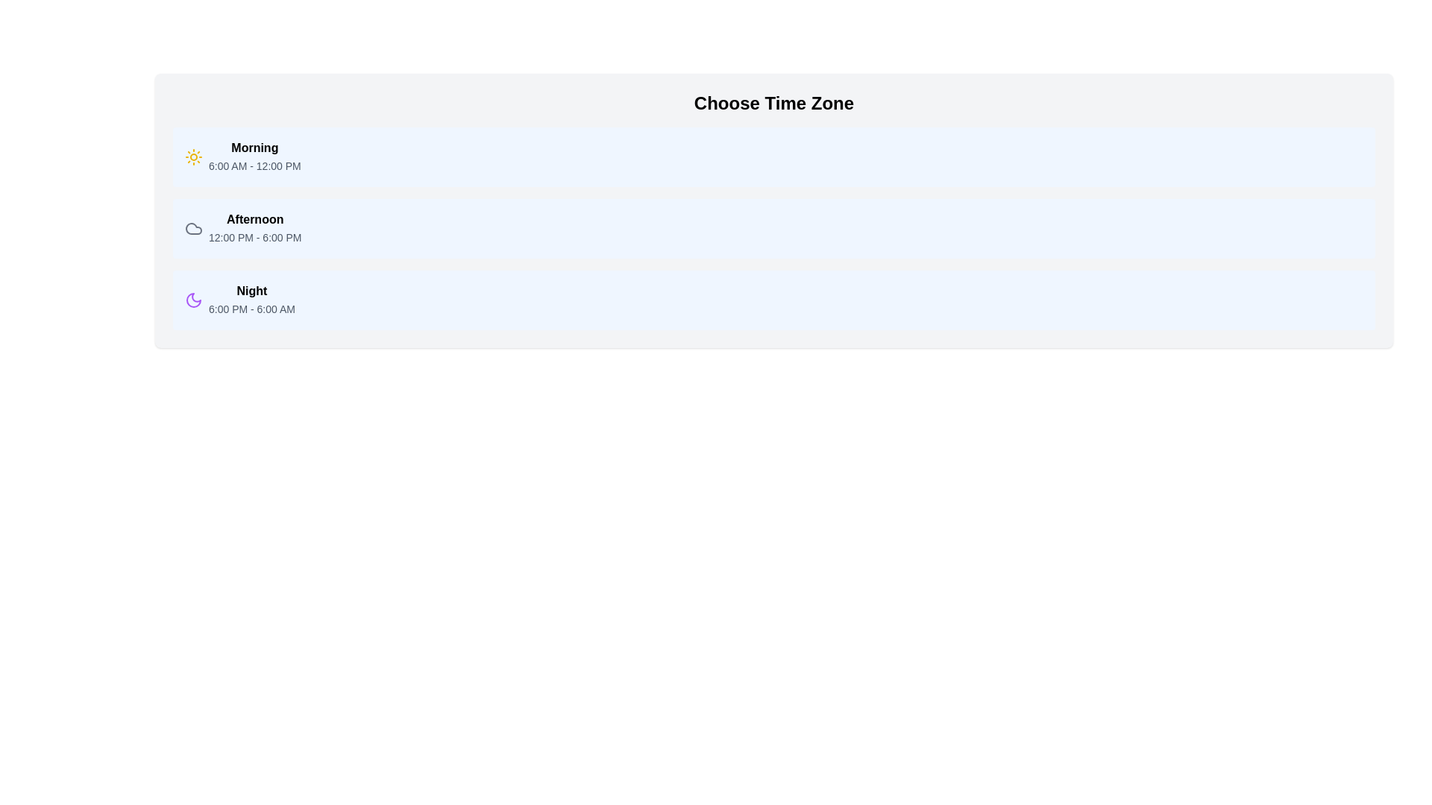 The image size is (1432, 805). I want to click on the sun icon, which is a yellow circular illustration with rays, located to the left of the 'Morning' label in the selection menu, so click(192, 157).